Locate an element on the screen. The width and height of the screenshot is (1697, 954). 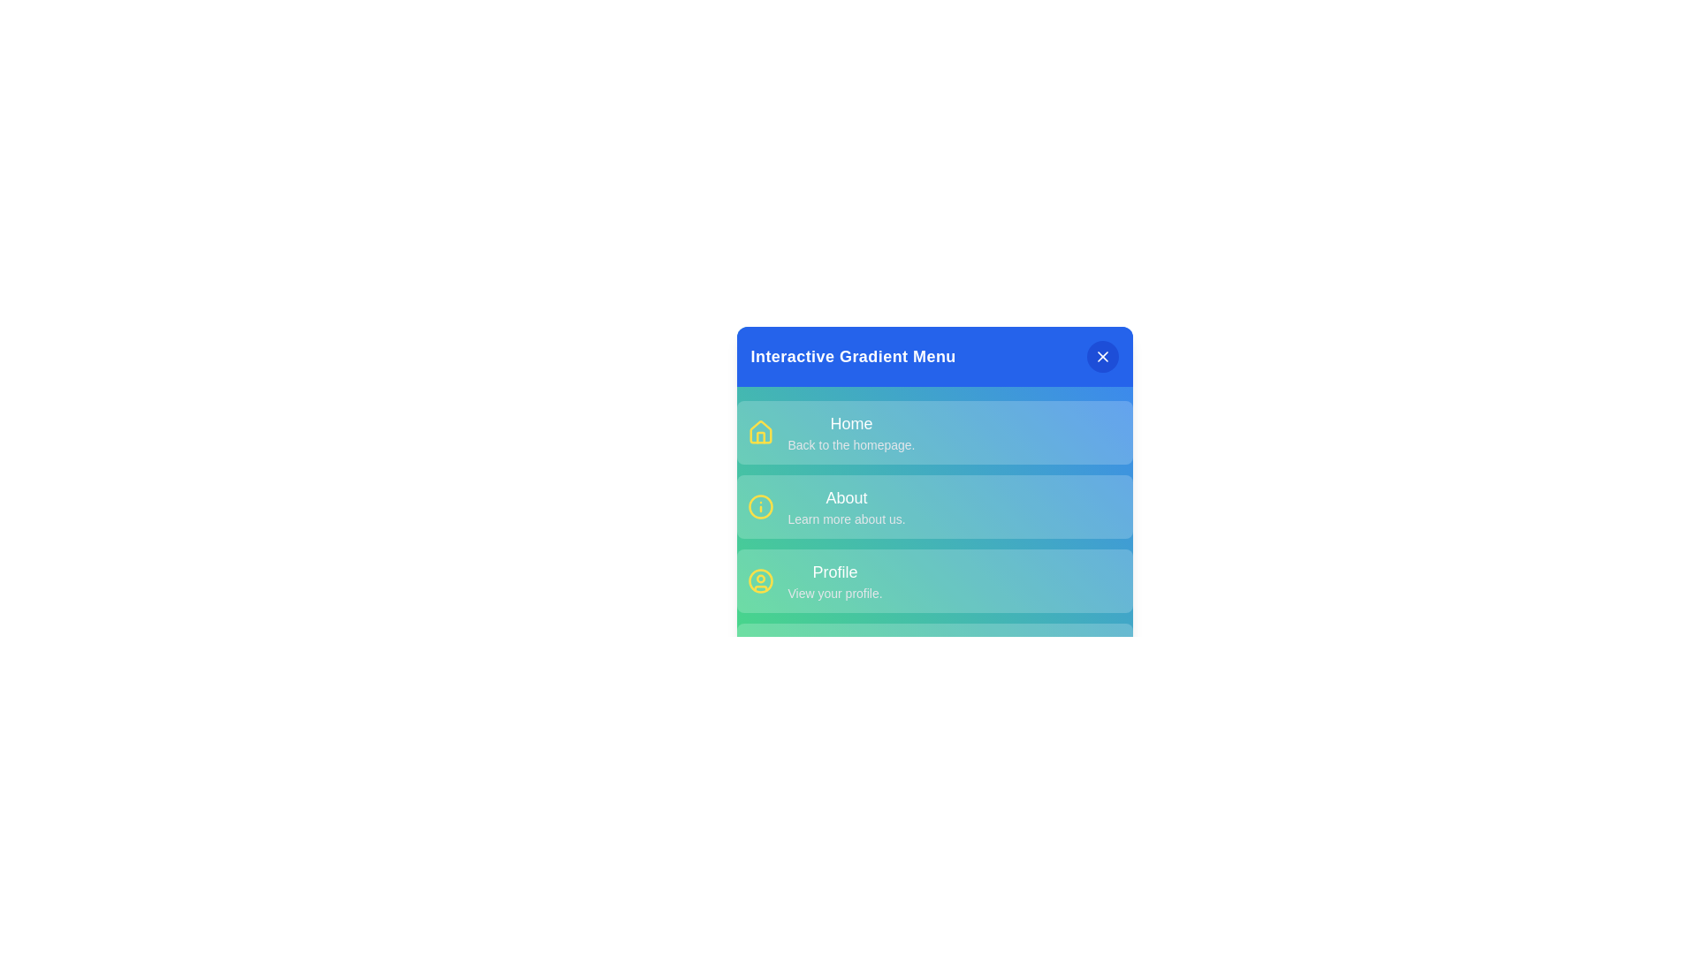
the menu item Profile to read its description is located at coordinates (834, 572).